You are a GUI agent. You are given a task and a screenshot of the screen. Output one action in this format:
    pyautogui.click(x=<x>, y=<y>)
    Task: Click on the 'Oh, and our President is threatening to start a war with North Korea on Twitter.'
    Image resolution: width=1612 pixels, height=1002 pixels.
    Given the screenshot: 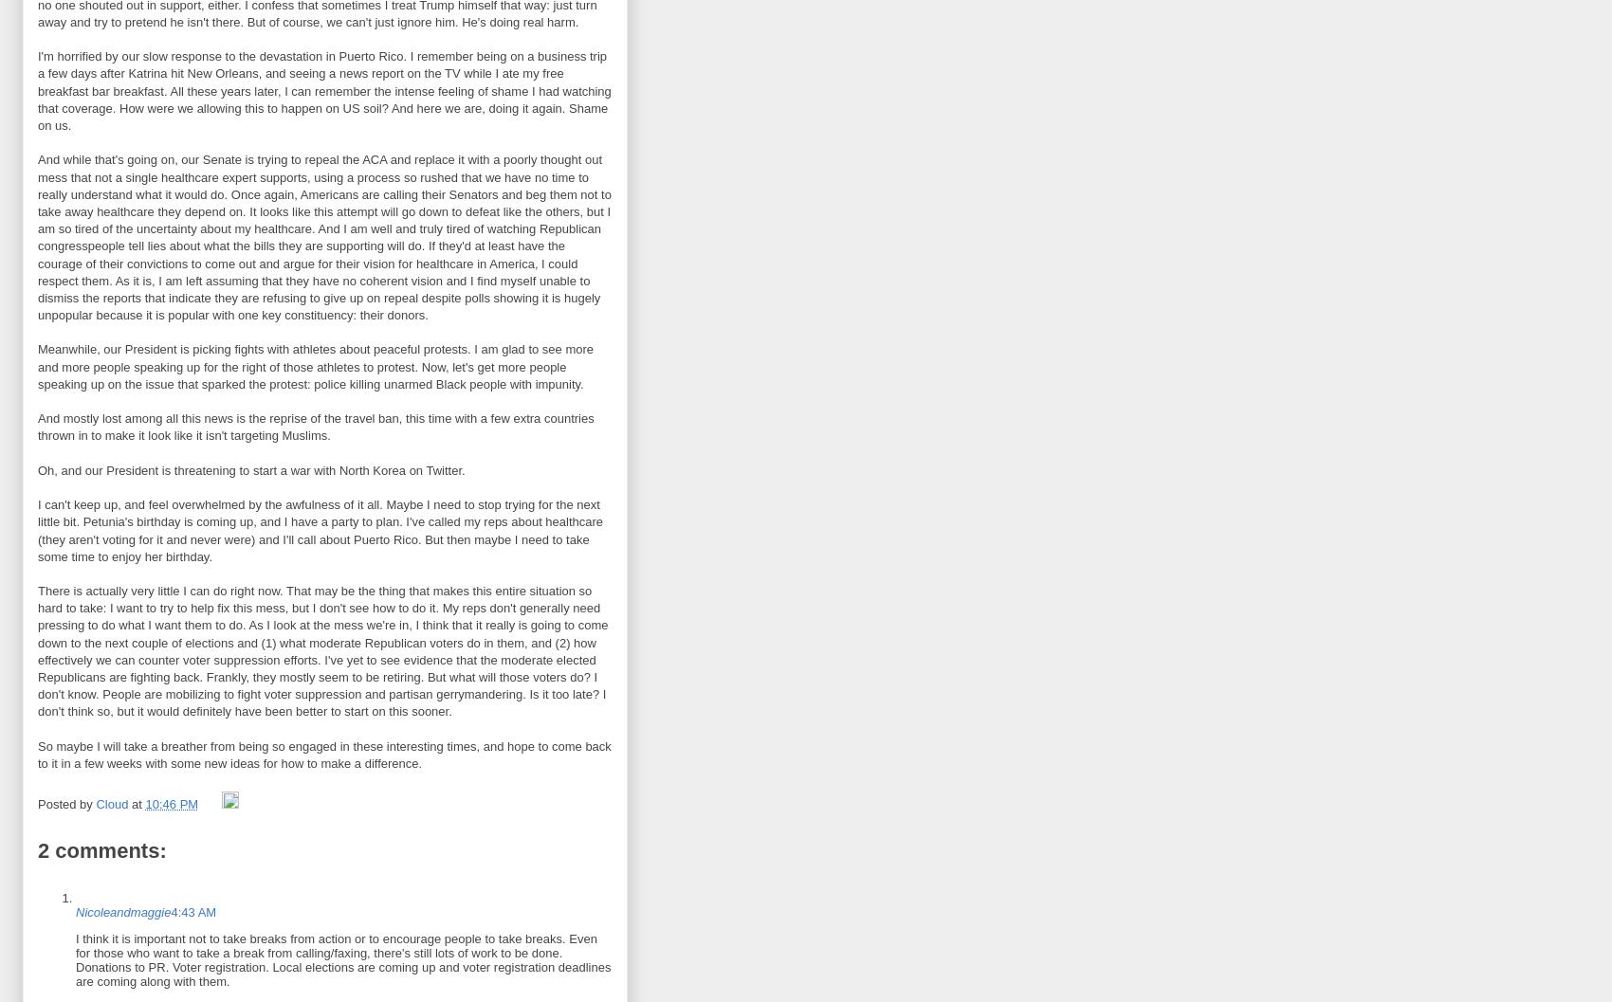 What is the action you would take?
    pyautogui.click(x=251, y=469)
    